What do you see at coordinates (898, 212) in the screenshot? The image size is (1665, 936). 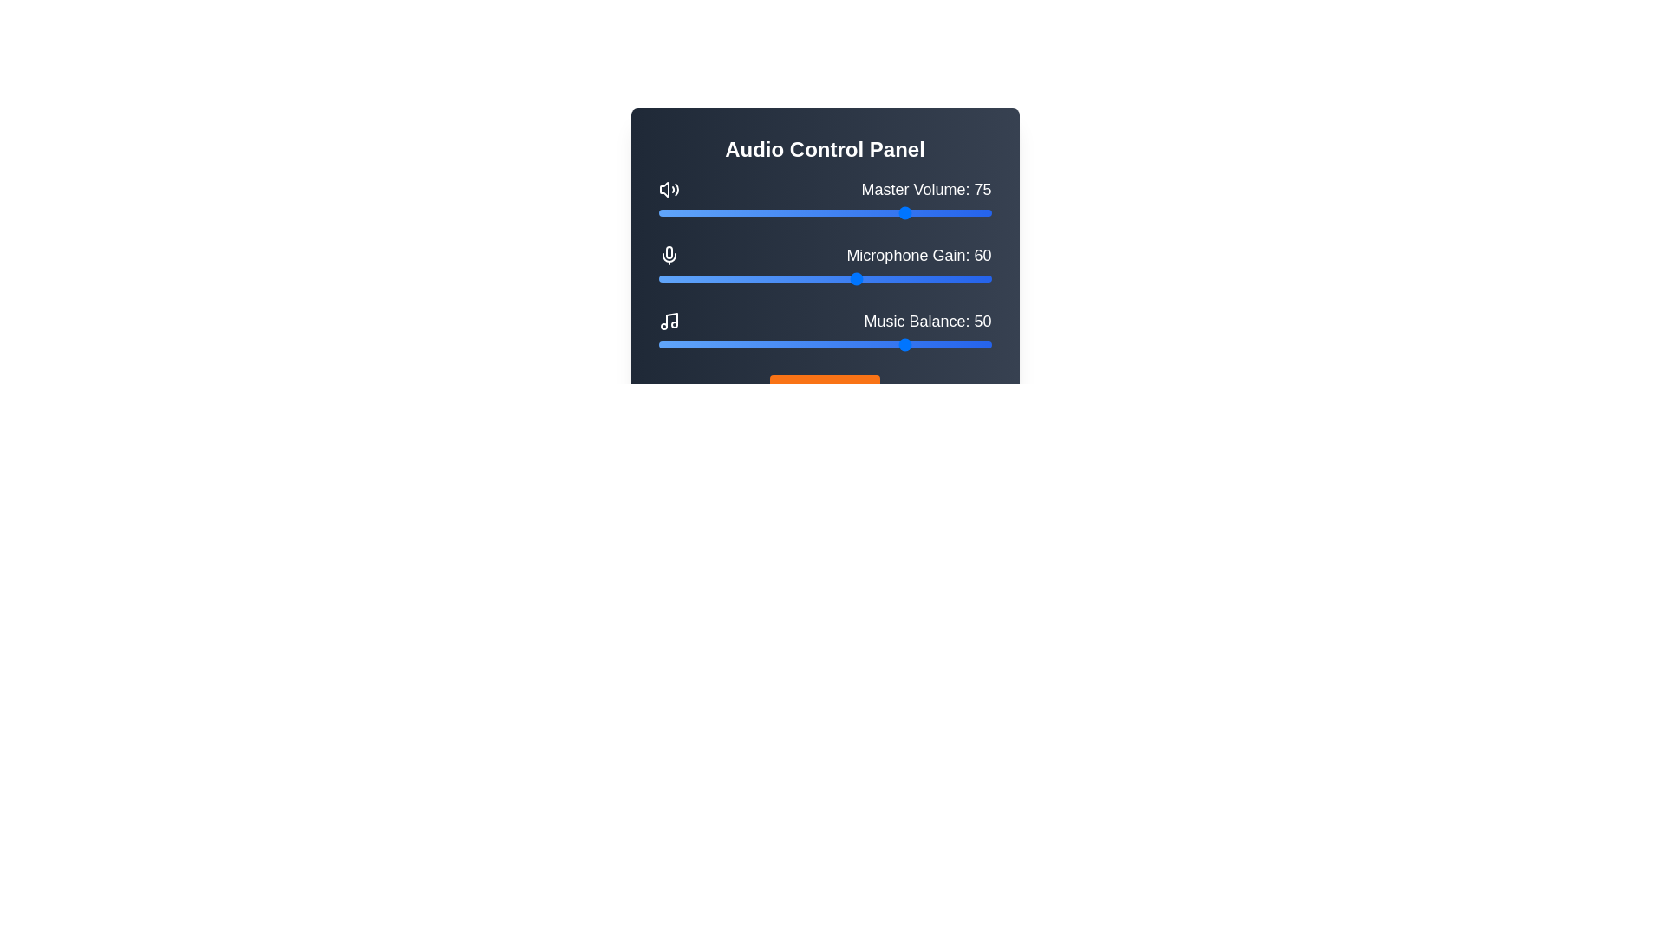 I see `the Master Volume slider to 72 percent` at bounding box center [898, 212].